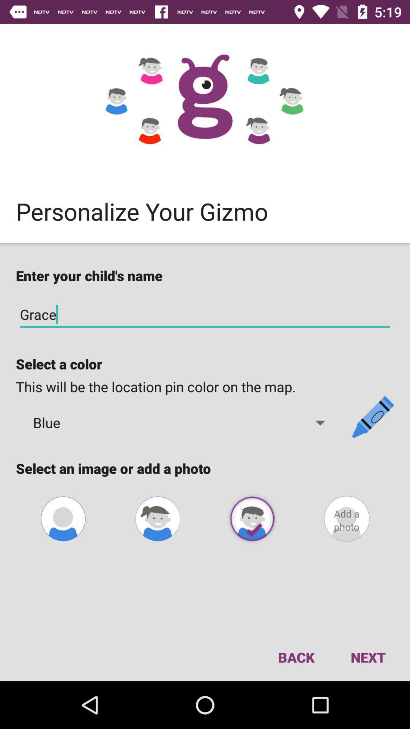 This screenshot has height=729, width=410. I want to click on the female photo, so click(157, 518).